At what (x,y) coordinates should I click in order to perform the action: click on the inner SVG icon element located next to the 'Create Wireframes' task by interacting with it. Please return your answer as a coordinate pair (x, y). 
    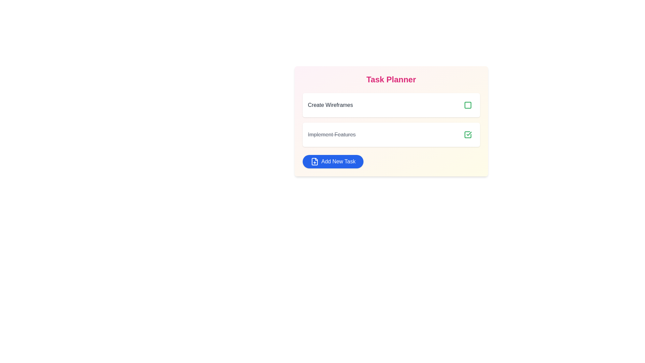
    Looking at the image, I should click on (467, 105).